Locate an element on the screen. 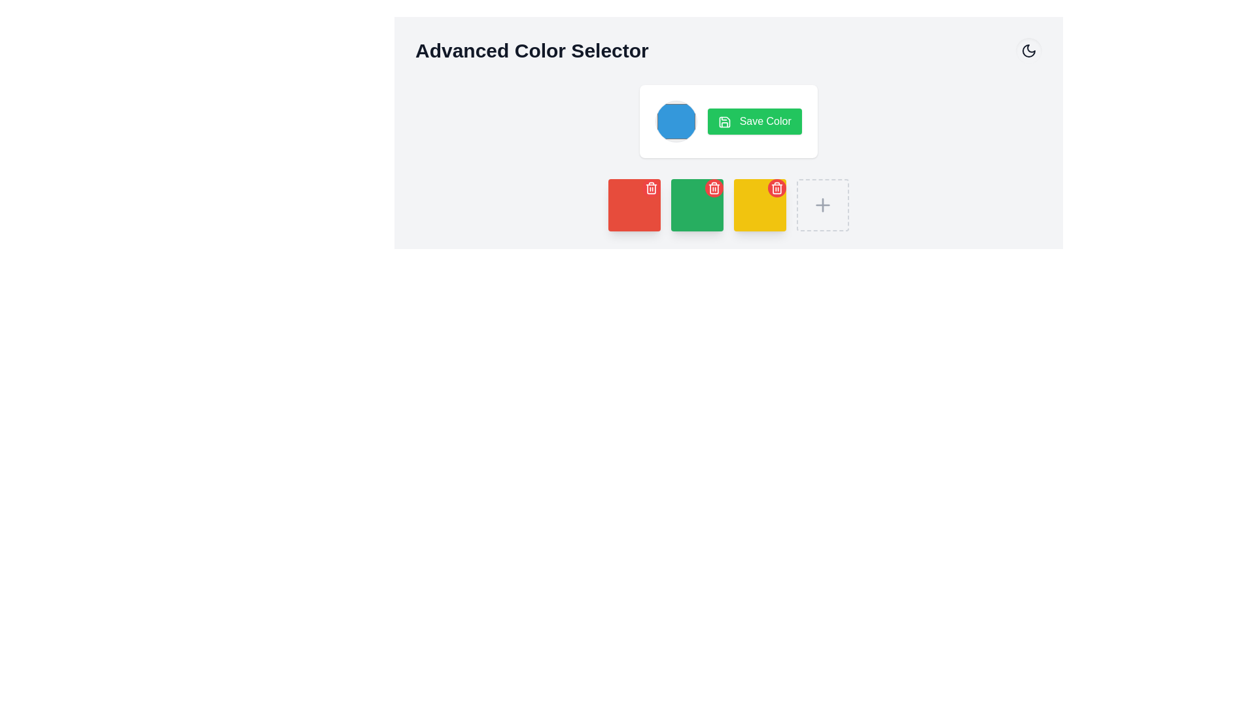  the decorative moon icon located in the top-right area of the interface is located at coordinates (1028, 50).